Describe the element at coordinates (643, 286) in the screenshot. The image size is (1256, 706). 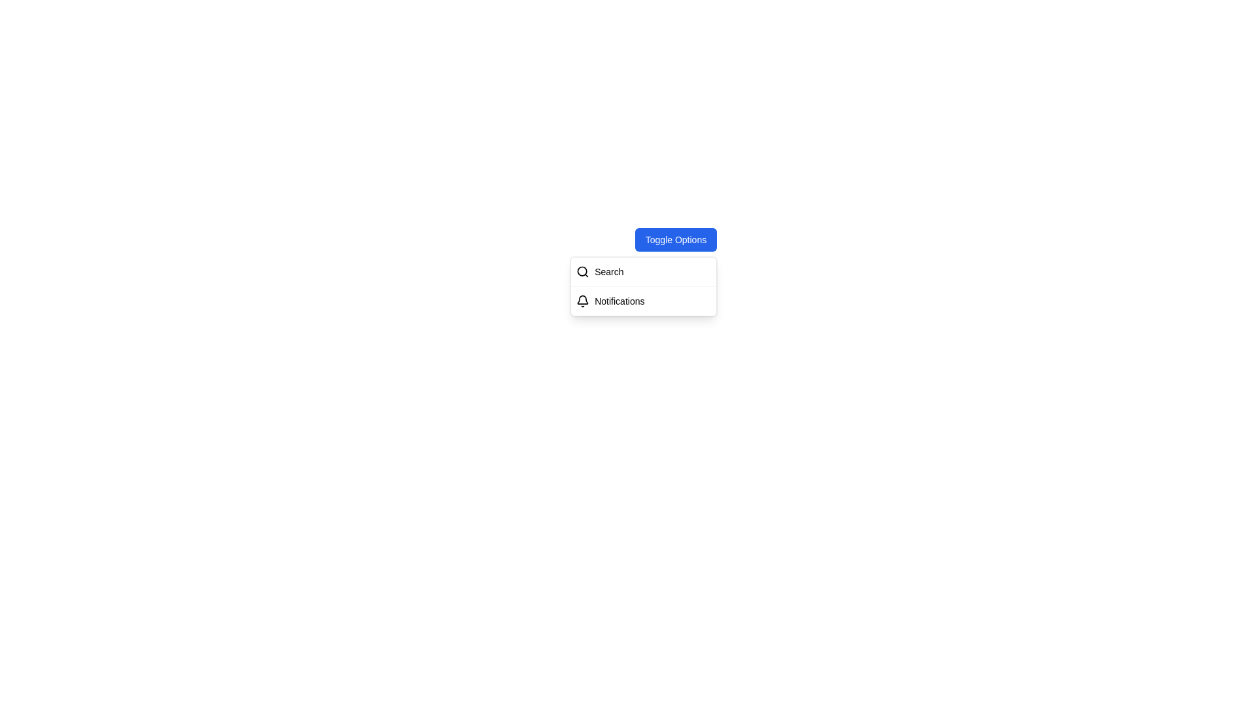
I see `the 'Search' or 'Notifications' option in the dropdown menu located under the 'Toggle Options' button` at that location.